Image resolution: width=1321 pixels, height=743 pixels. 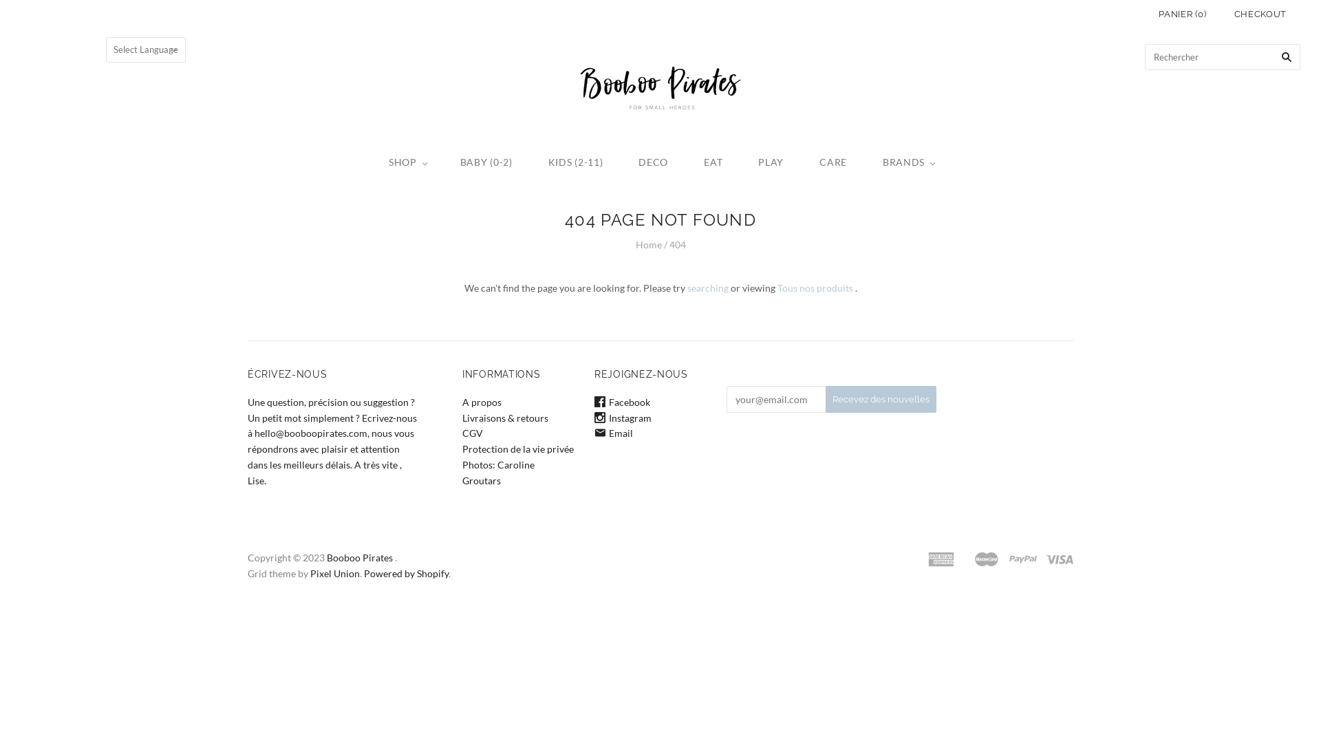 What do you see at coordinates (613, 432) in the screenshot?
I see `'Email'` at bounding box center [613, 432].